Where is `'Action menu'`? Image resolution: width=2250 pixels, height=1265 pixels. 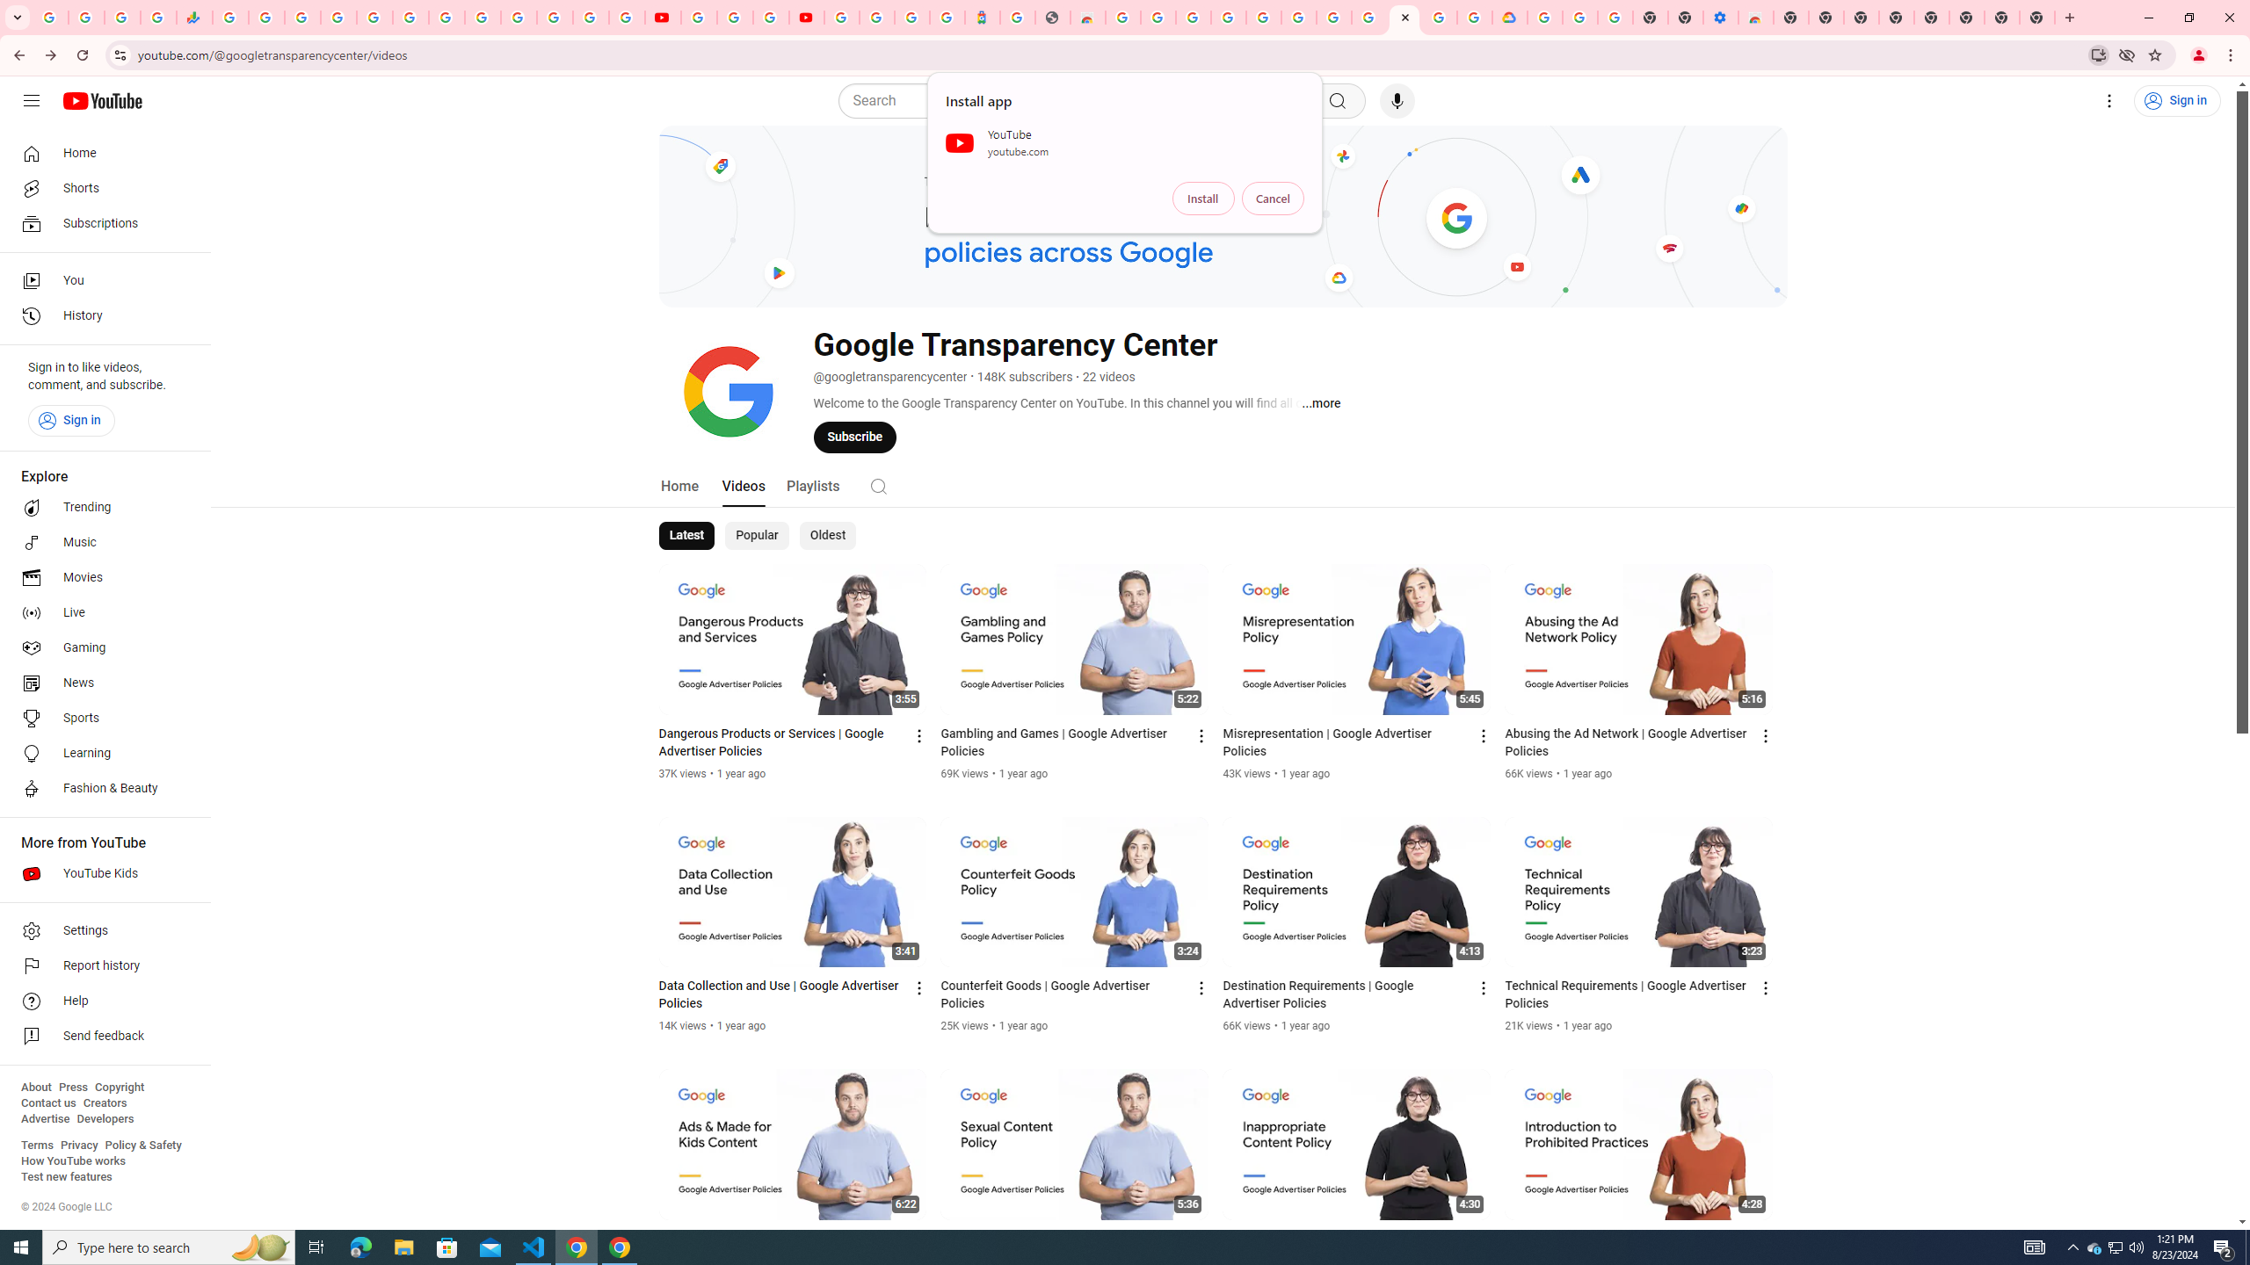 'Action menu' is located at coordinates (1766, 1240).